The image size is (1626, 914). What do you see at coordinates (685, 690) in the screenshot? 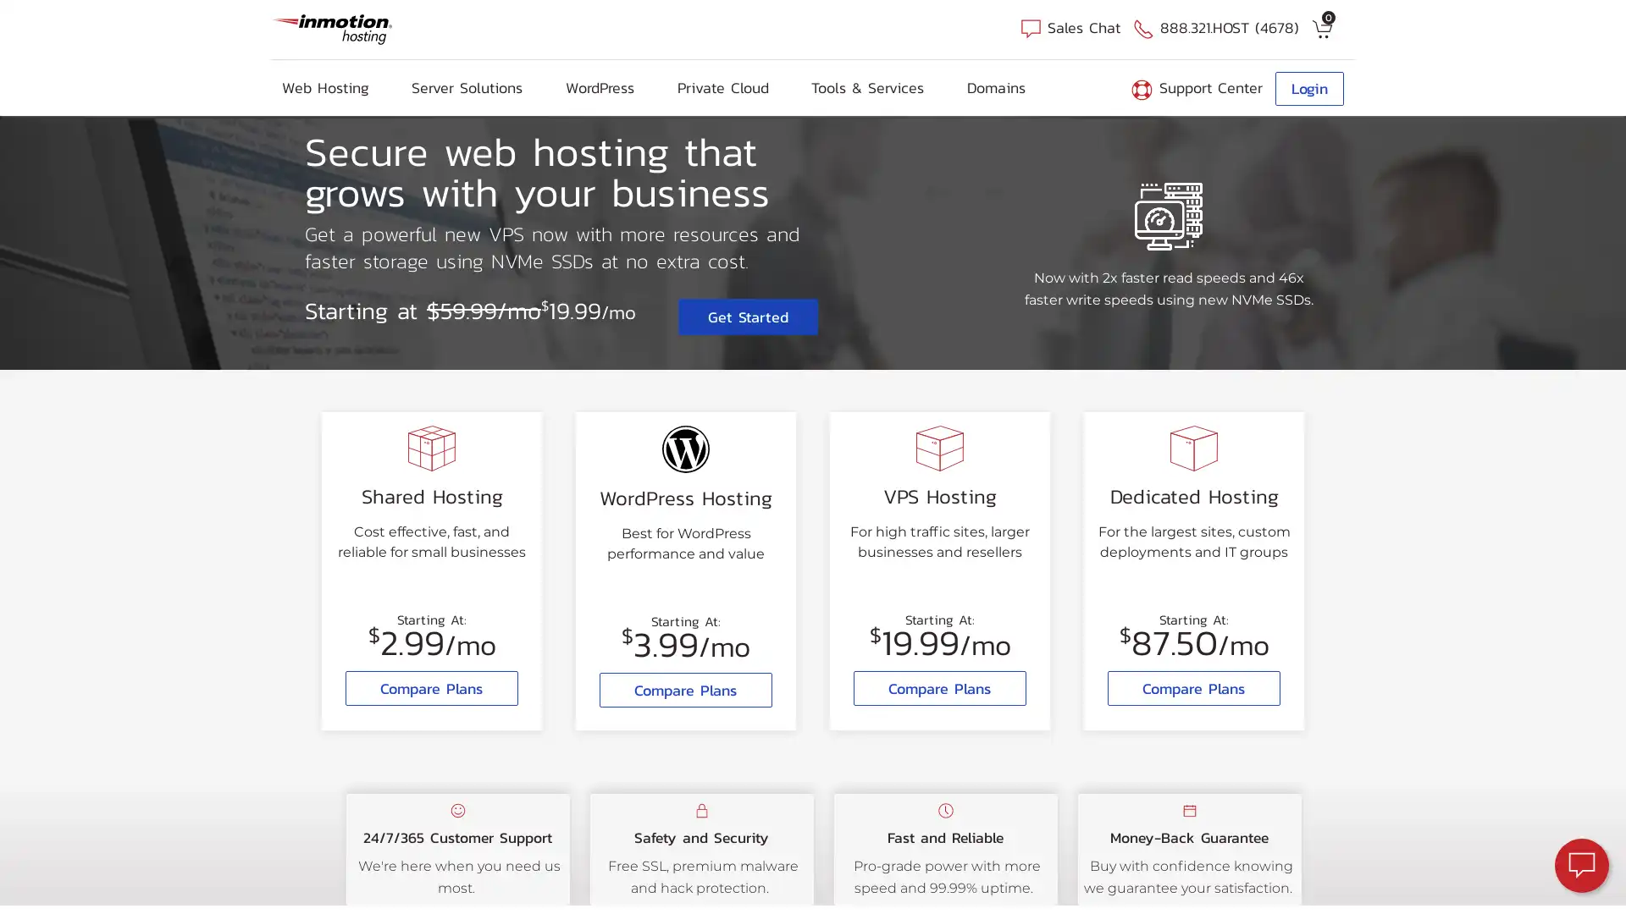
I see `Compare Plans` at bounding box center [685, 690].